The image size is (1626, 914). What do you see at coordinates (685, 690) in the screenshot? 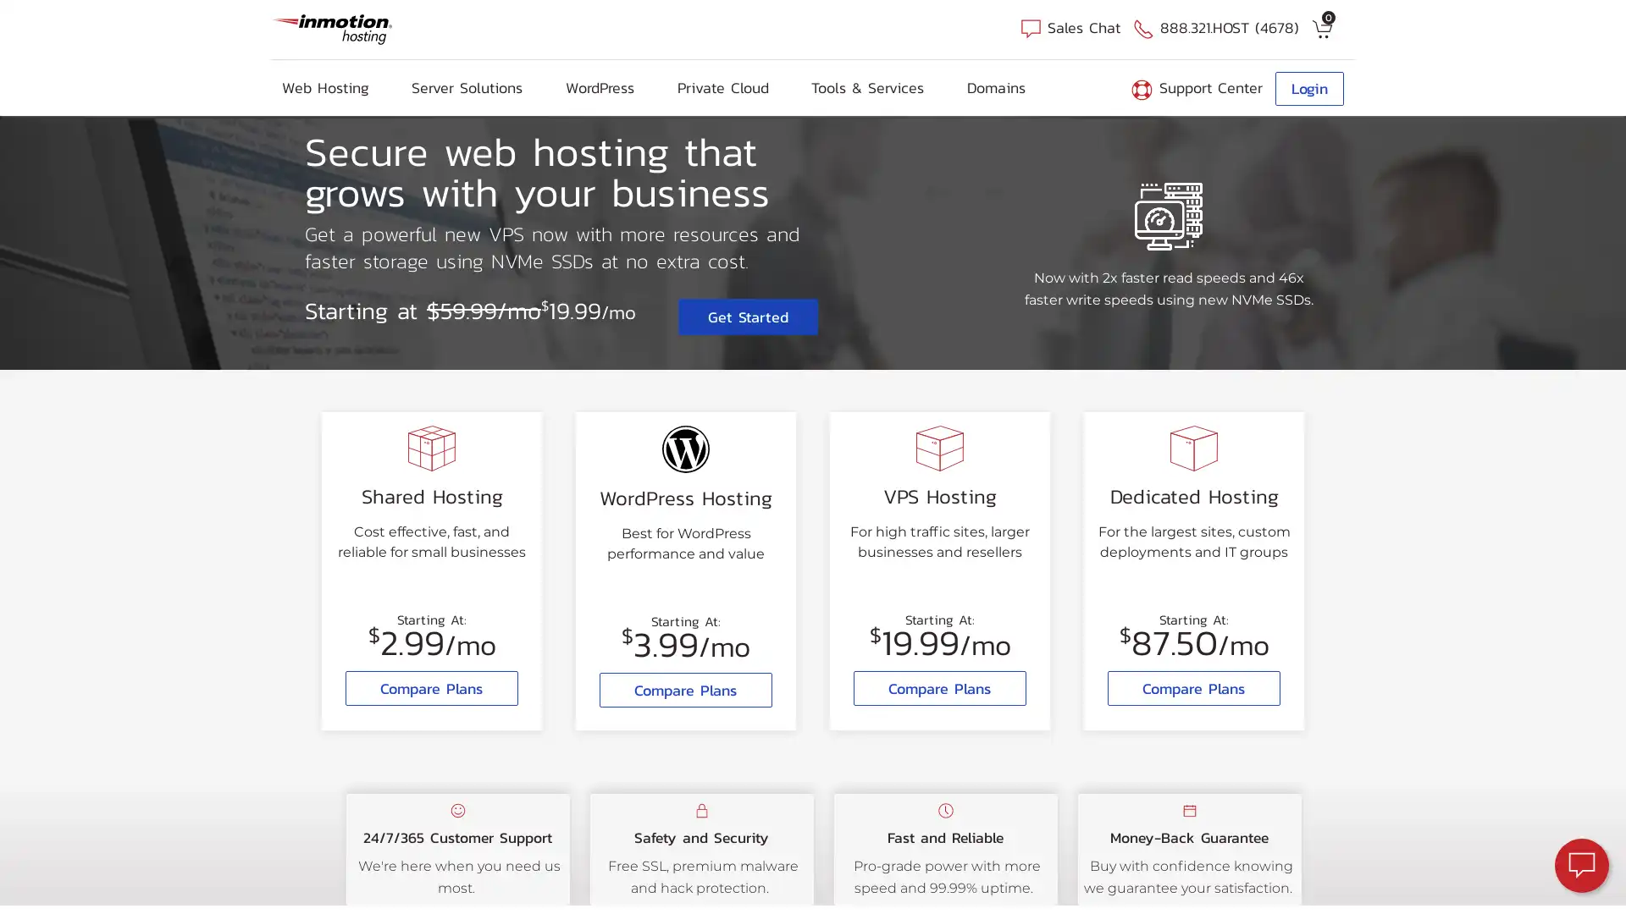
I see `Compare Plans` at bounding box center [685, 690].